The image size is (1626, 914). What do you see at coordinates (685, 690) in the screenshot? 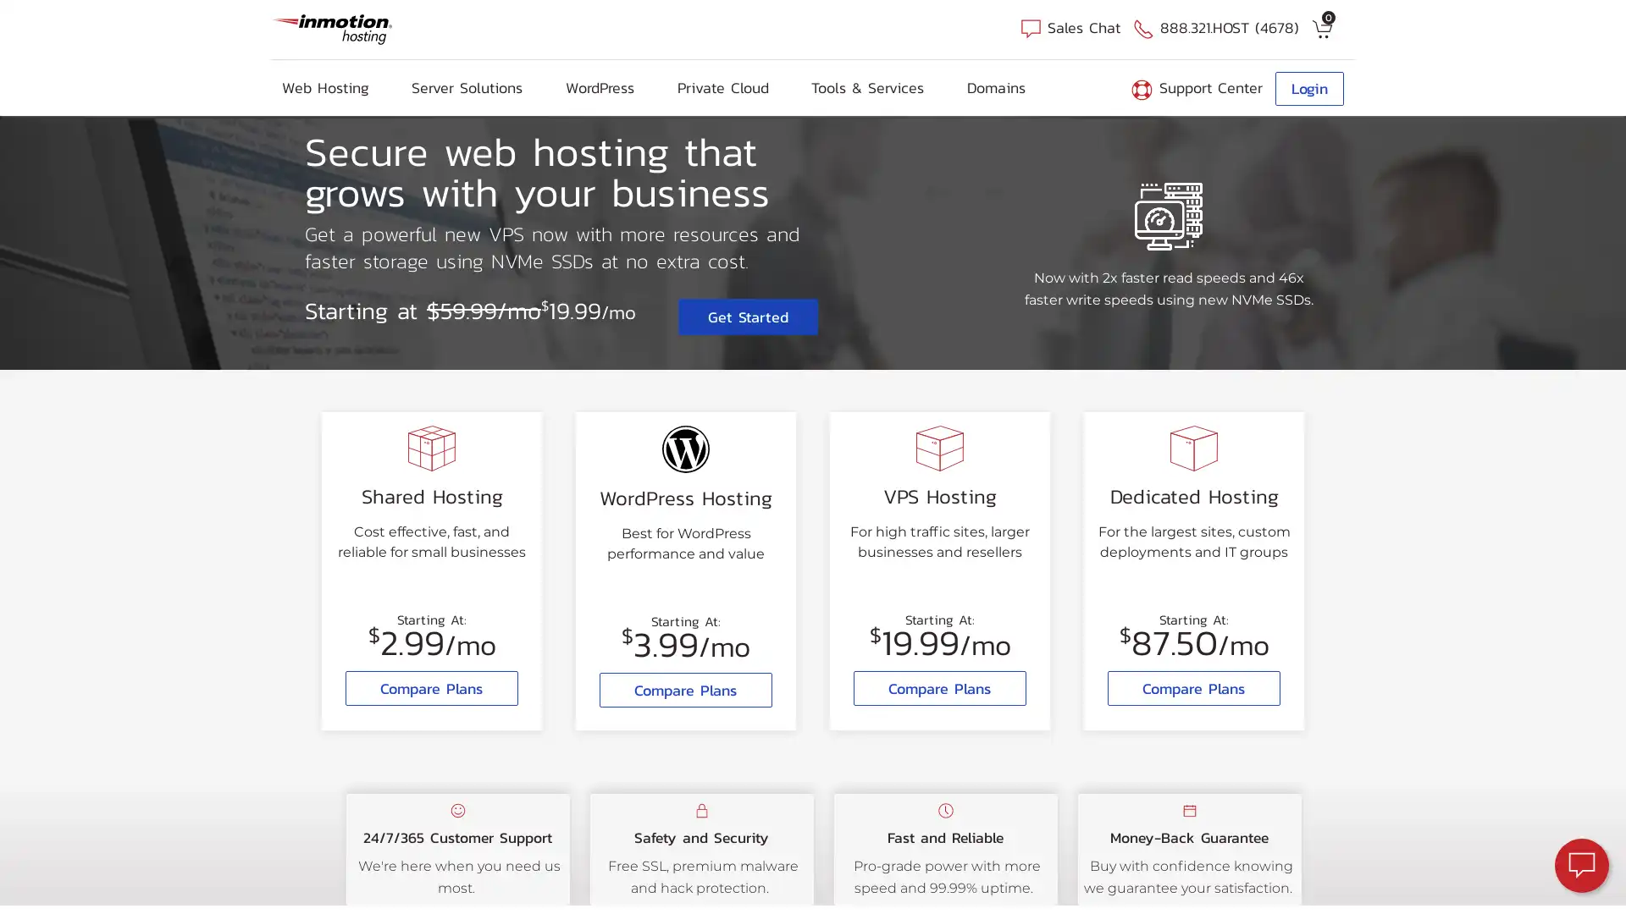
I see `Compare Plans` at bounding box center [685, 690].